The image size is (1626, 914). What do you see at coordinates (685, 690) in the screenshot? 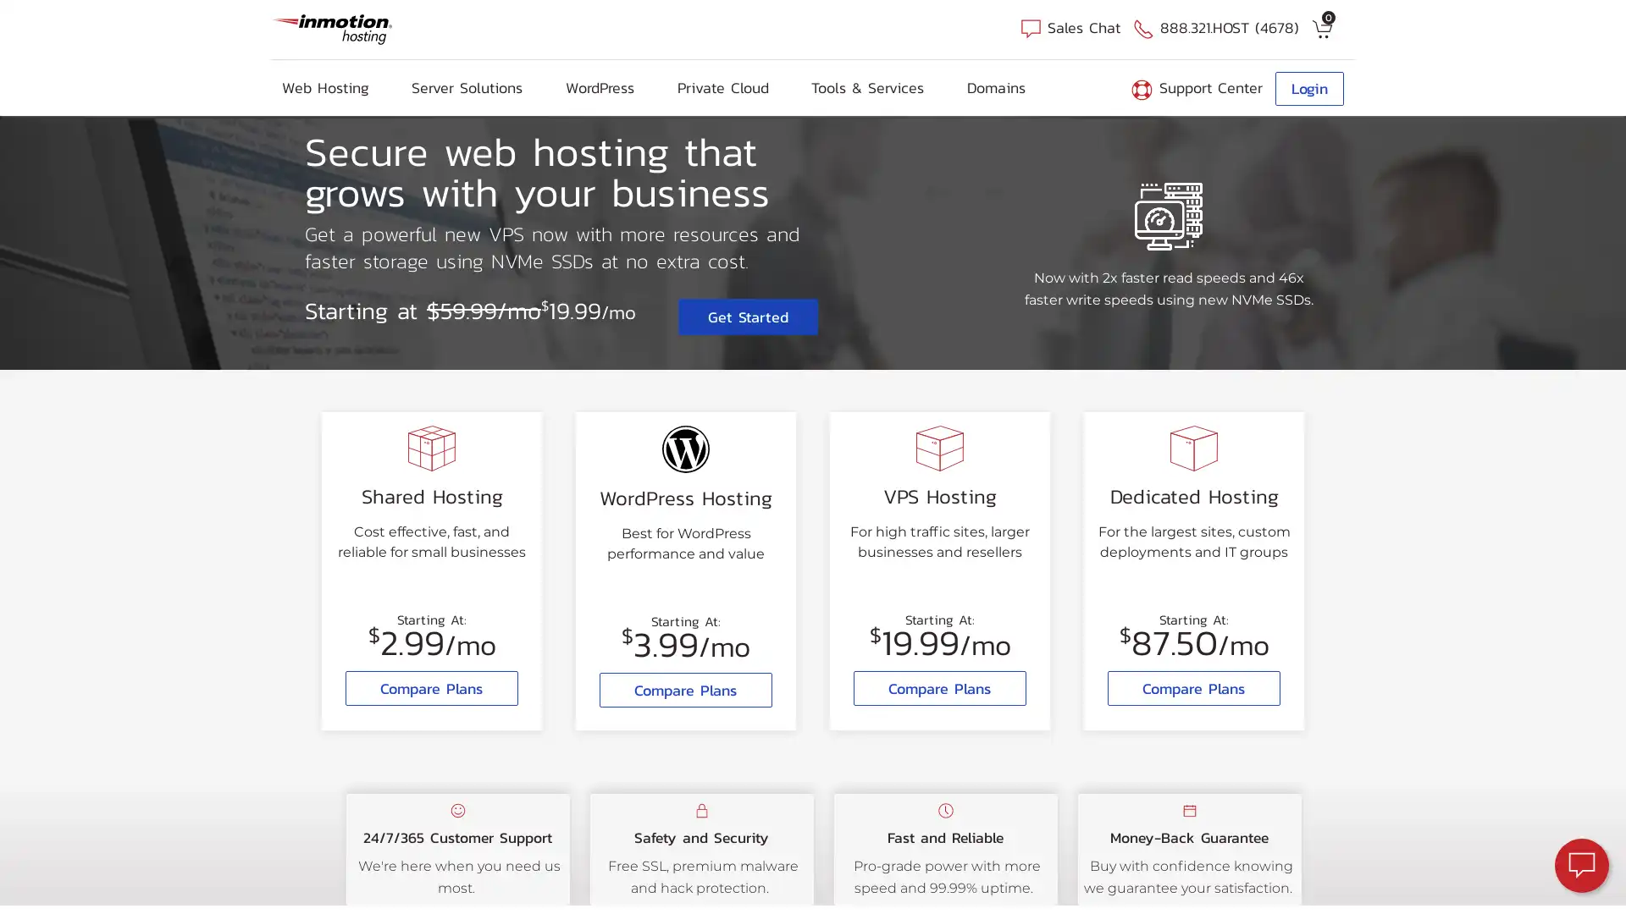
I see `Compare Plans` at bounding box center [685, 690].